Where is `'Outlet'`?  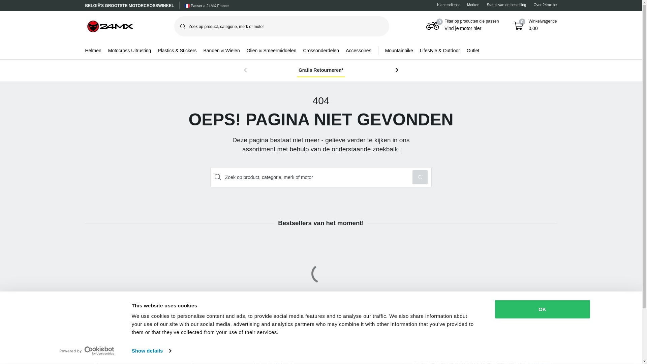 'Outlet' is located at coordinates (472, 50).